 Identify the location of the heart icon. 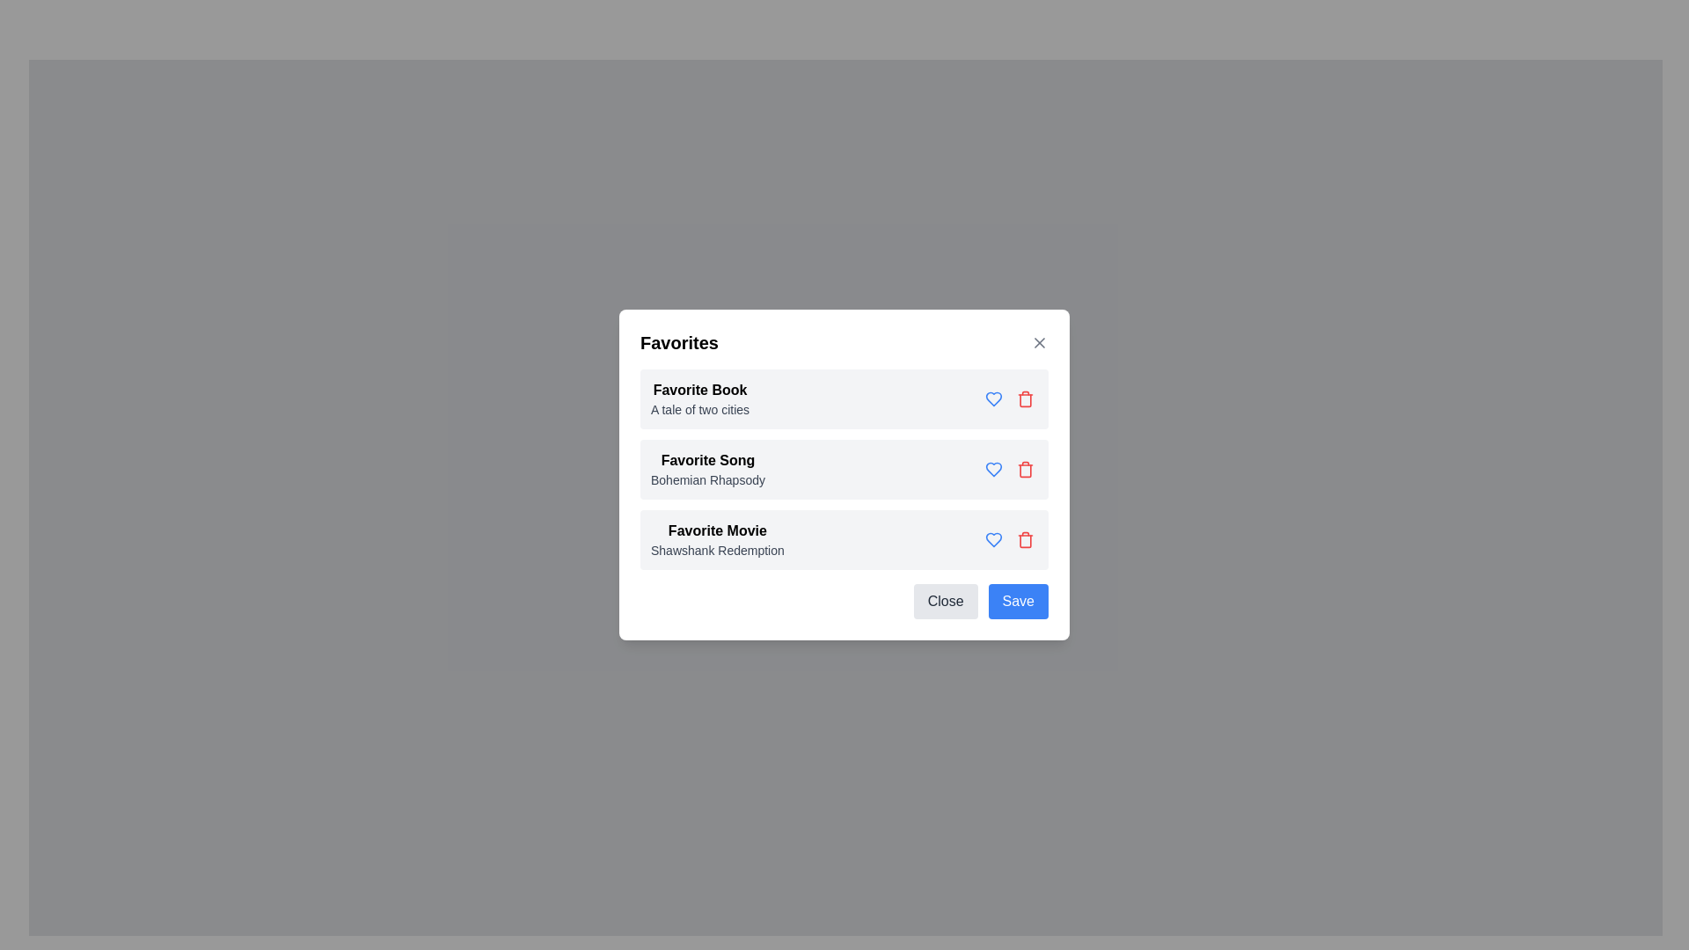
(993, 468).